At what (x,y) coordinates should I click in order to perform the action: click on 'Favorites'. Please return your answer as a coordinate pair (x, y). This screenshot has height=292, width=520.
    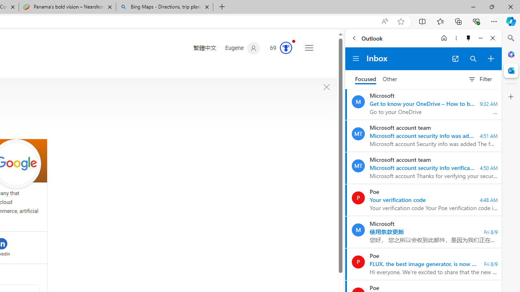
    Looking at the image, I should click on (440, 21).